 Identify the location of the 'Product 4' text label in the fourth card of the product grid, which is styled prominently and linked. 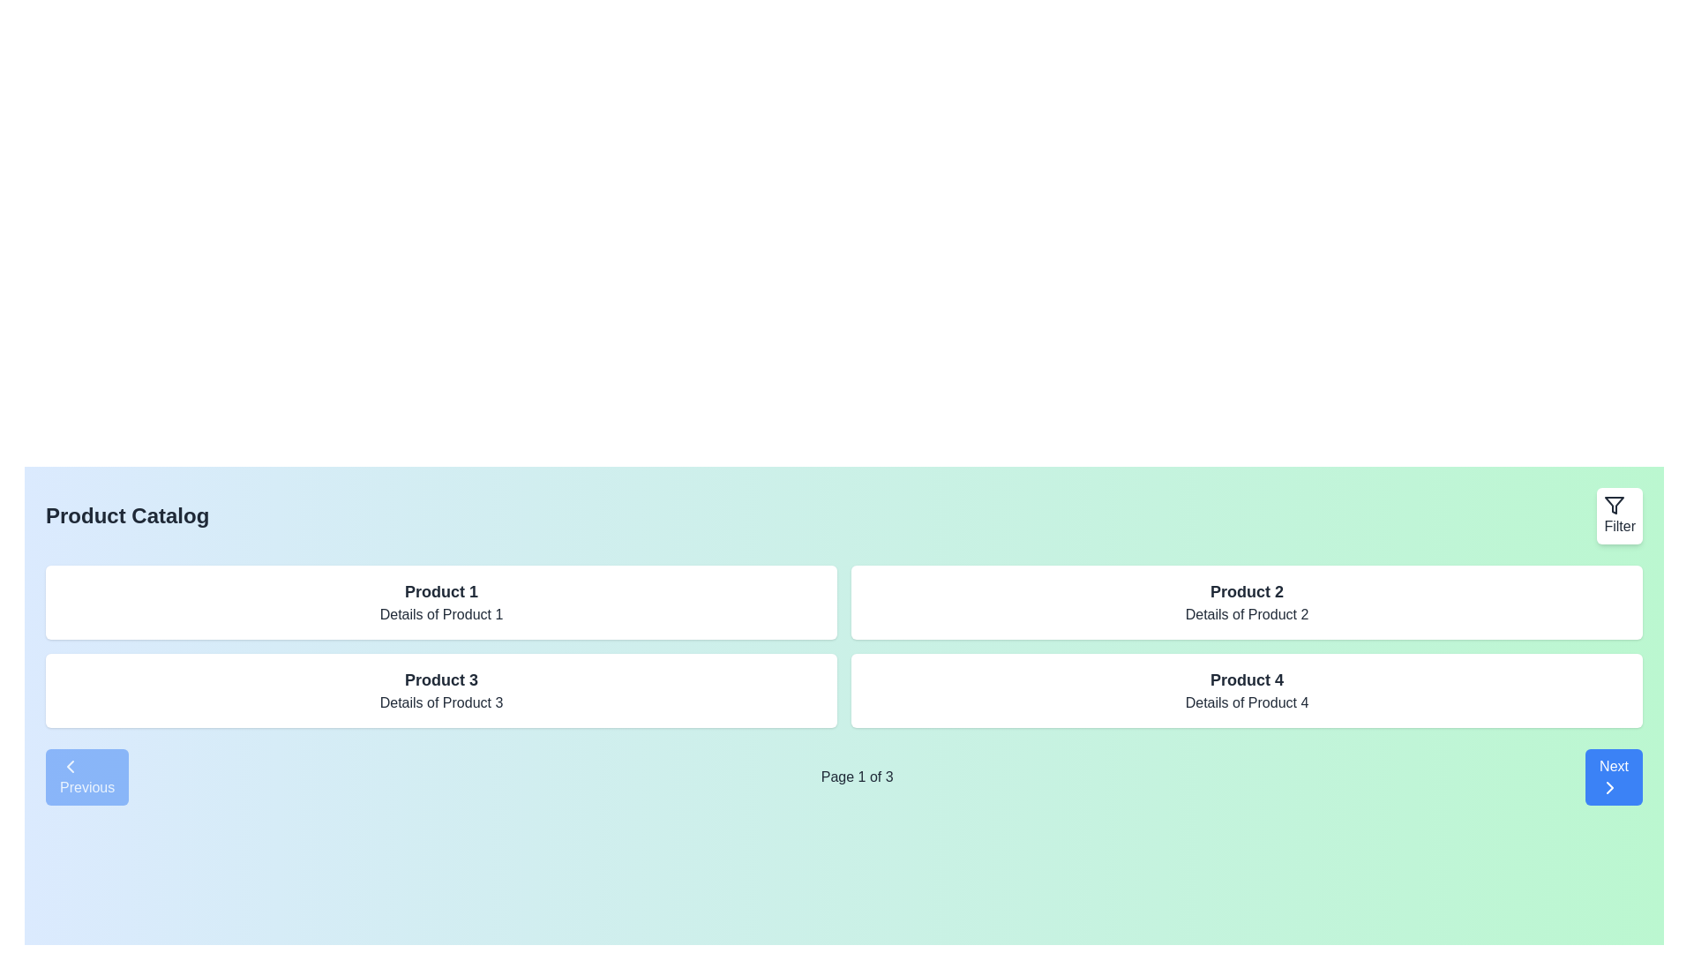
(1246, 679).